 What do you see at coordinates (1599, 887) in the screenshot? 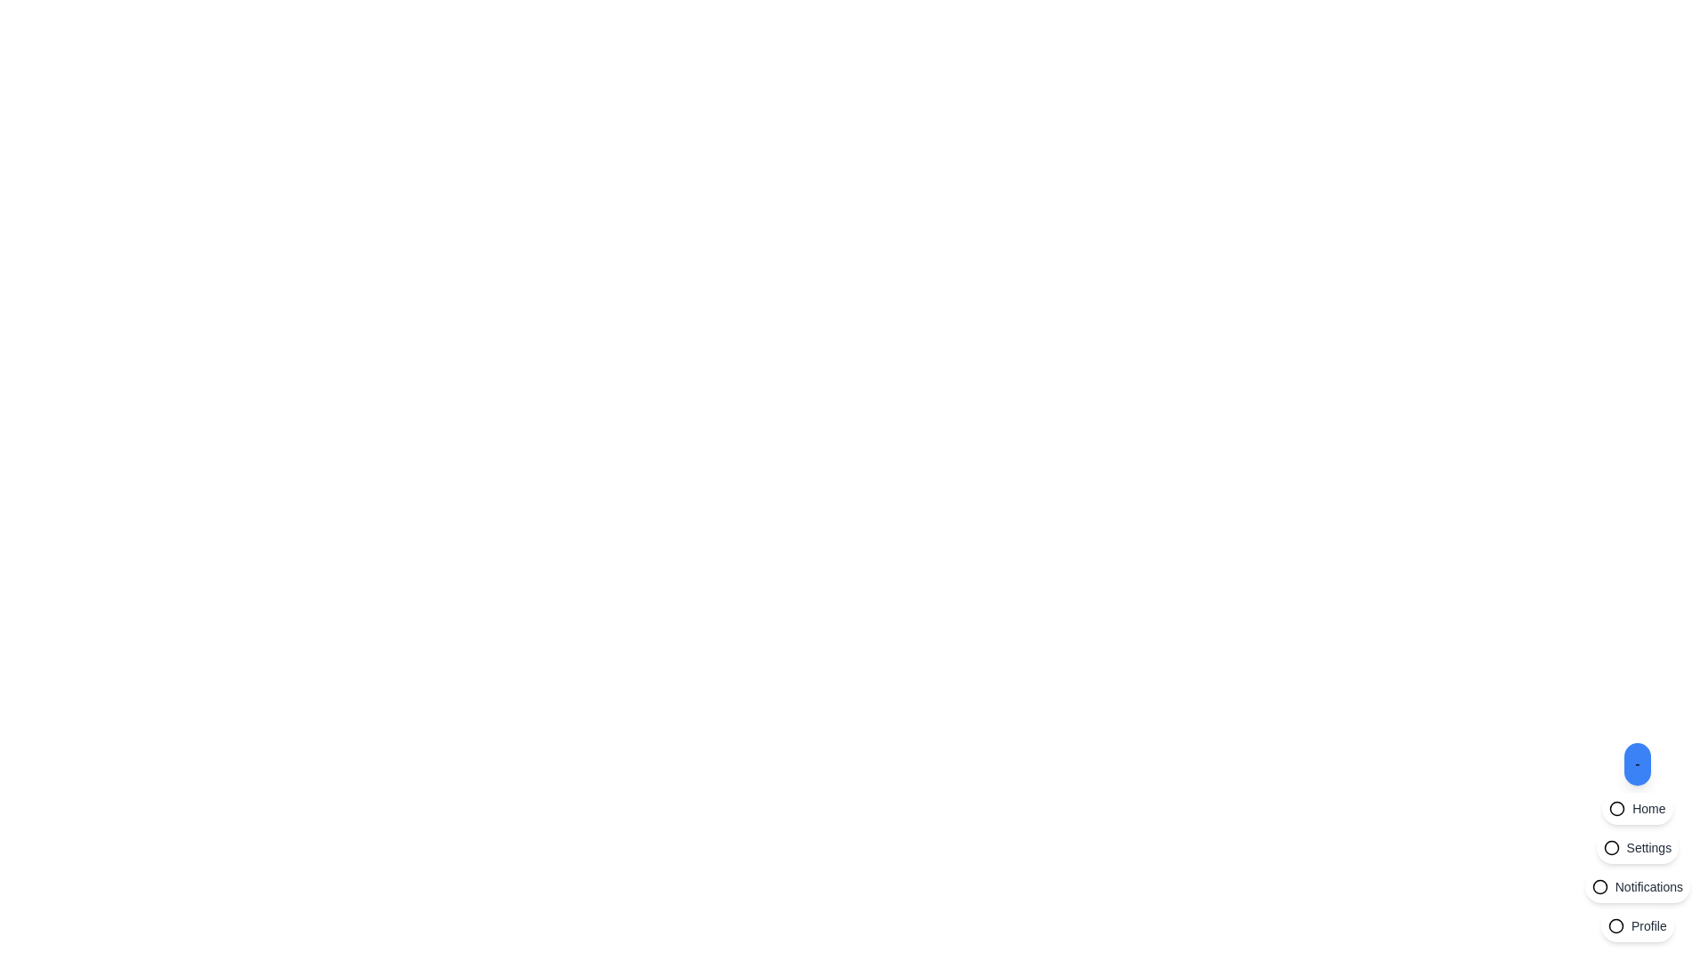
I see `the Circle icon with a black border located in the right-side vertical navigation panel beneath the larger blue circular button` at bounding box center [1599, 887].